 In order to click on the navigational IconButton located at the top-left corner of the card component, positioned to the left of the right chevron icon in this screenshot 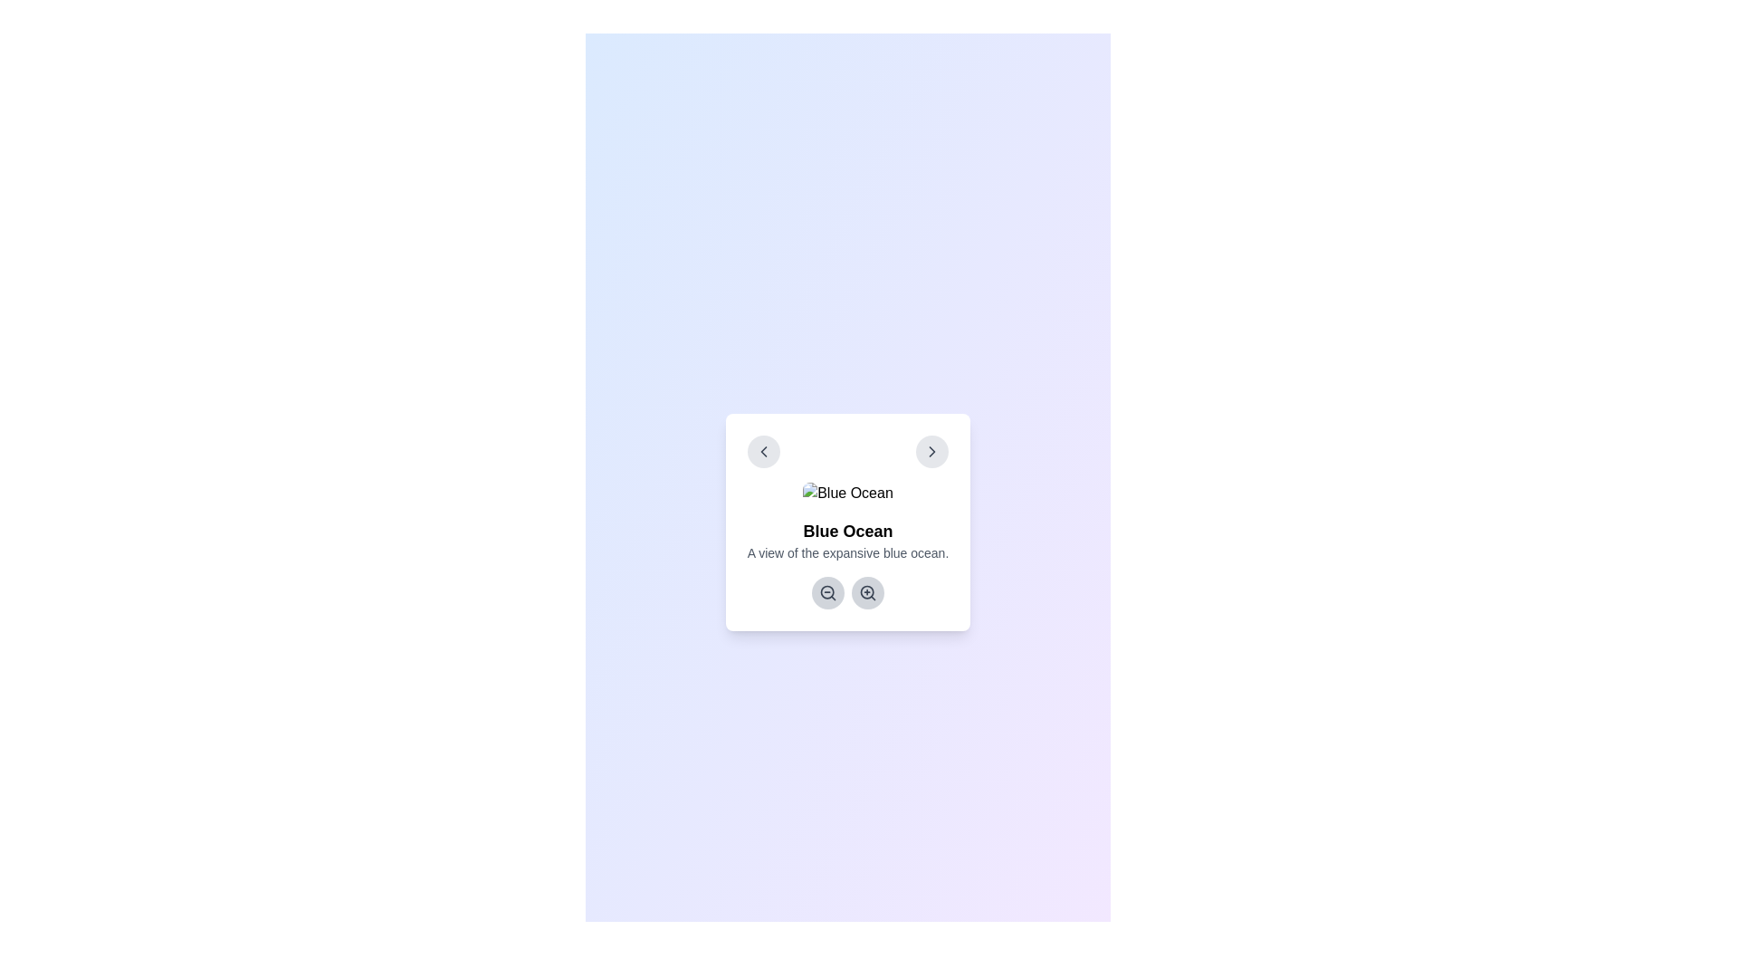, I will do `click(763, 450)`.